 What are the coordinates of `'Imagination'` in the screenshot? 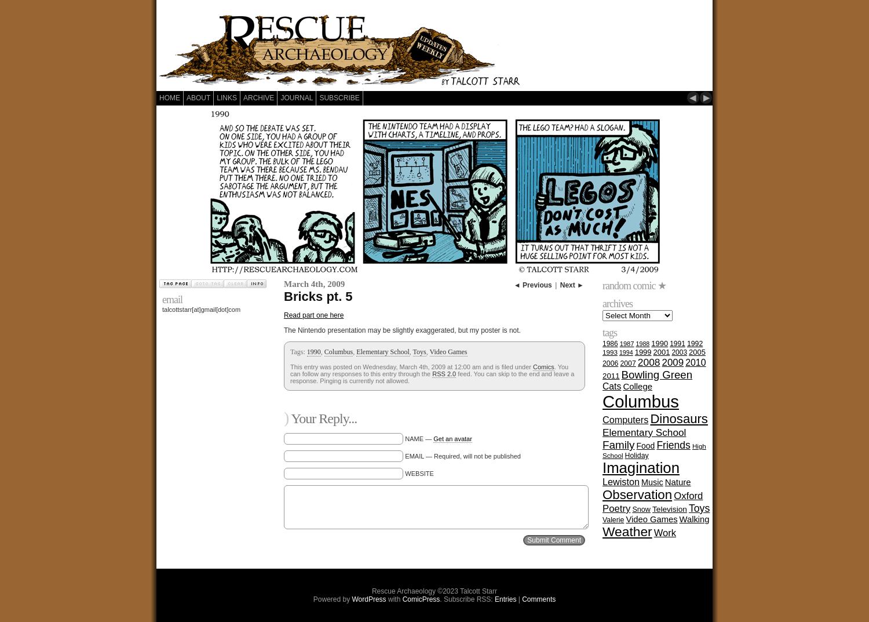 It's located at (640, 468).